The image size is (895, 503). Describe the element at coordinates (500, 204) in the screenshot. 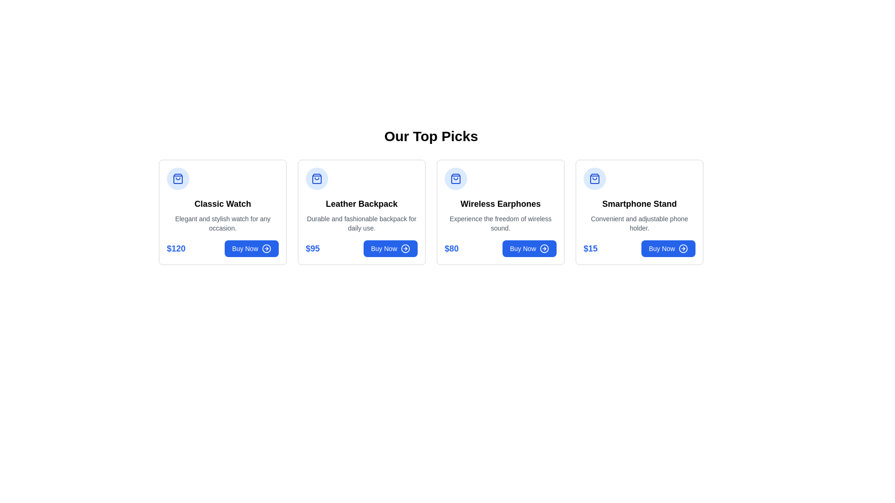

I see `the bold, black text label 'Wireless Earphones' if it is a hyperlink, located in the third card from the left in a grid layout of product recommendations` at that location.